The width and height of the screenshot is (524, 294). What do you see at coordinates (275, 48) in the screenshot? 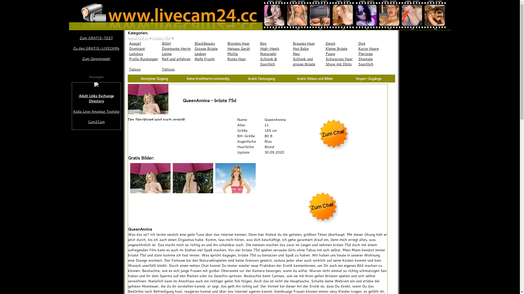
I see `'High-Heels'` at bounding box center [275, 48].